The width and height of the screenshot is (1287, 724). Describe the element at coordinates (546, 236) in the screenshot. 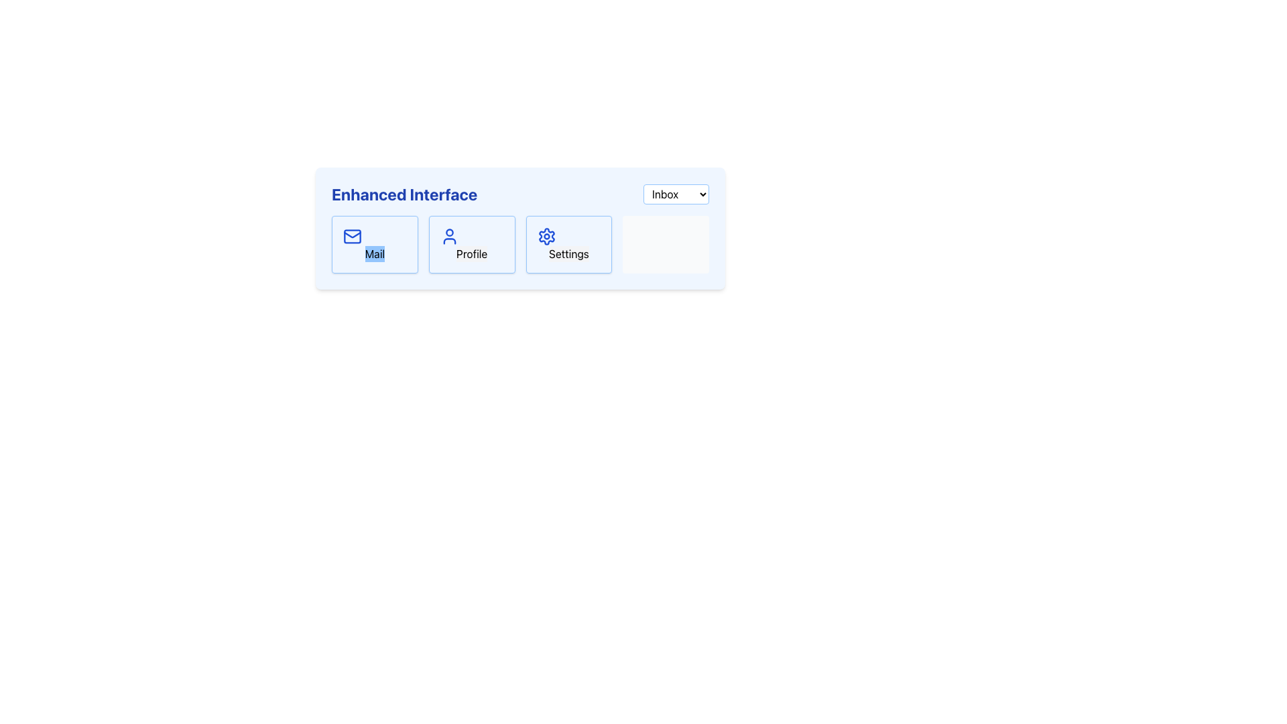

I see `the settings cogwheel icon, which is the third button from the left in the horizontal layout under 'Enhanced Interface'` at that location.